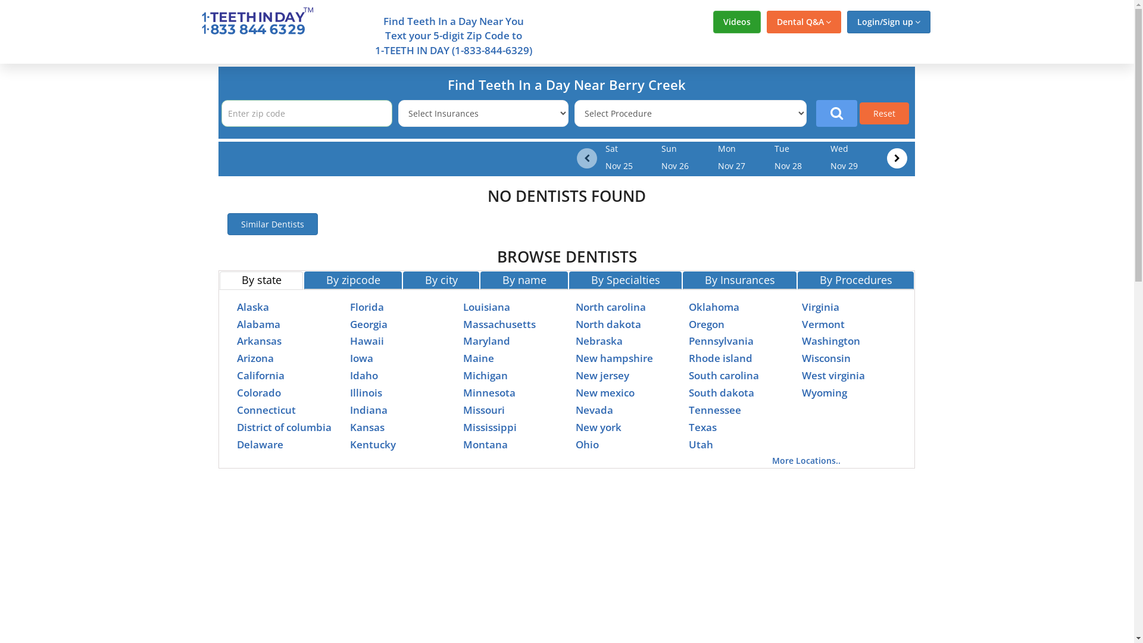  Describe the element at coordinates (575, 341) in the screenshot. I see `'Nebraska'` at that location.